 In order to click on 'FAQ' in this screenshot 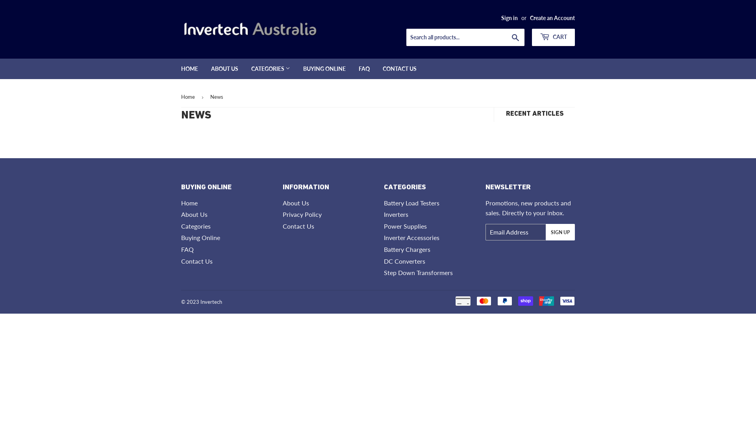, I will do `click(364, 68)`.